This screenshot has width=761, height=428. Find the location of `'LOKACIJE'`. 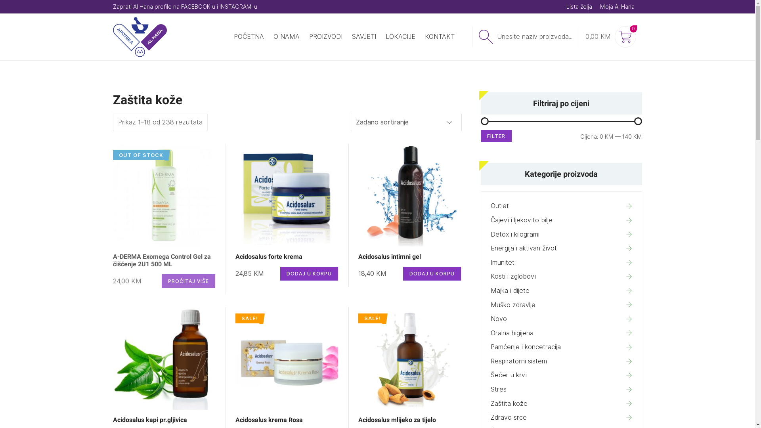

'LOKACIJE' is located at coordinates (400, 36).